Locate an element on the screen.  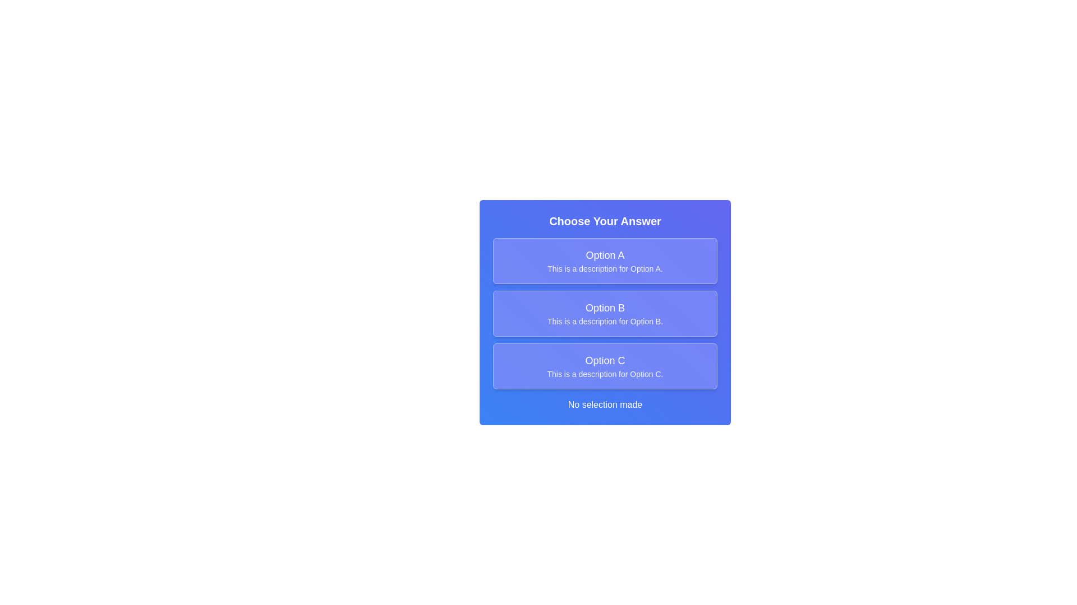
the text label displaying 'Option A' which is located inside a blue rectangular box with rounded corners, serving as the title for the first option is located at coordinates (605, 255).